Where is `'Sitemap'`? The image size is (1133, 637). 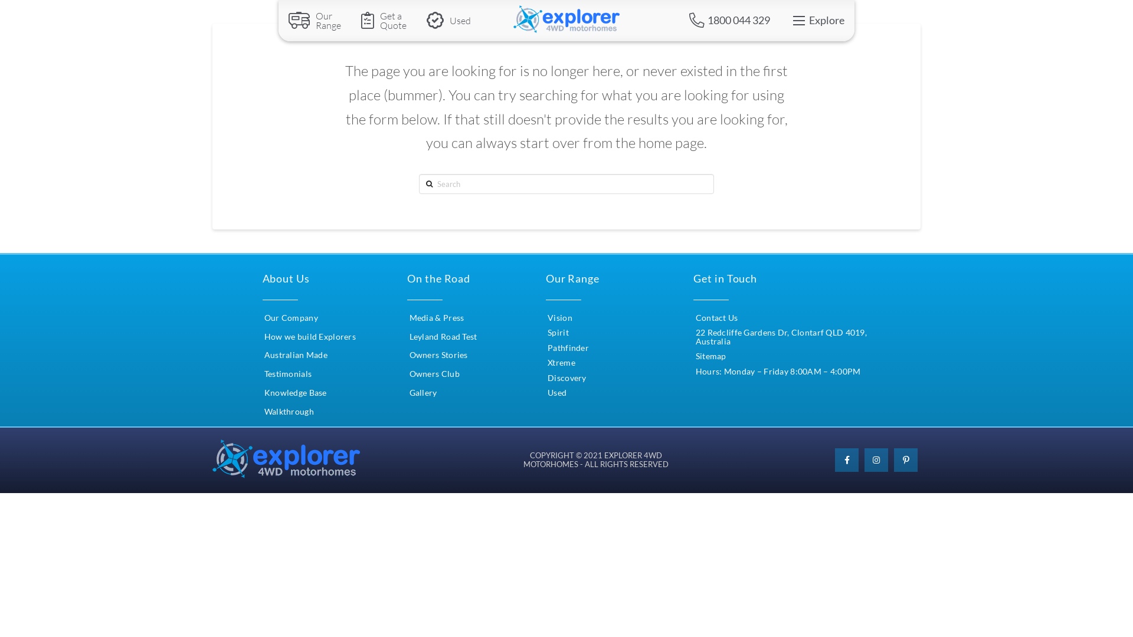
'Sitemap' is located at coordinates (710, 356).